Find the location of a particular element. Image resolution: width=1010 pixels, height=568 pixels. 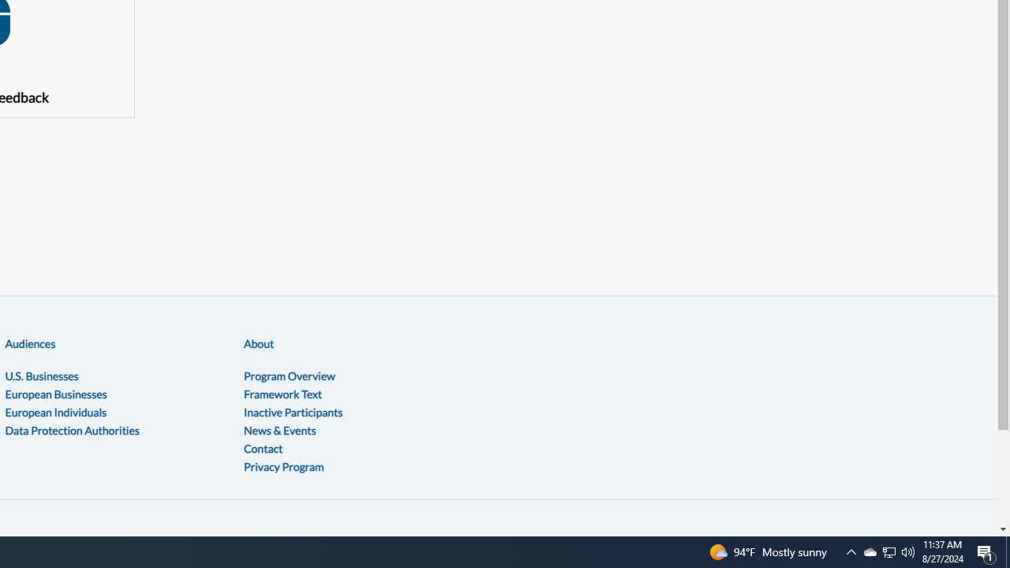

'Contact' is located at coordinates (263, 447).